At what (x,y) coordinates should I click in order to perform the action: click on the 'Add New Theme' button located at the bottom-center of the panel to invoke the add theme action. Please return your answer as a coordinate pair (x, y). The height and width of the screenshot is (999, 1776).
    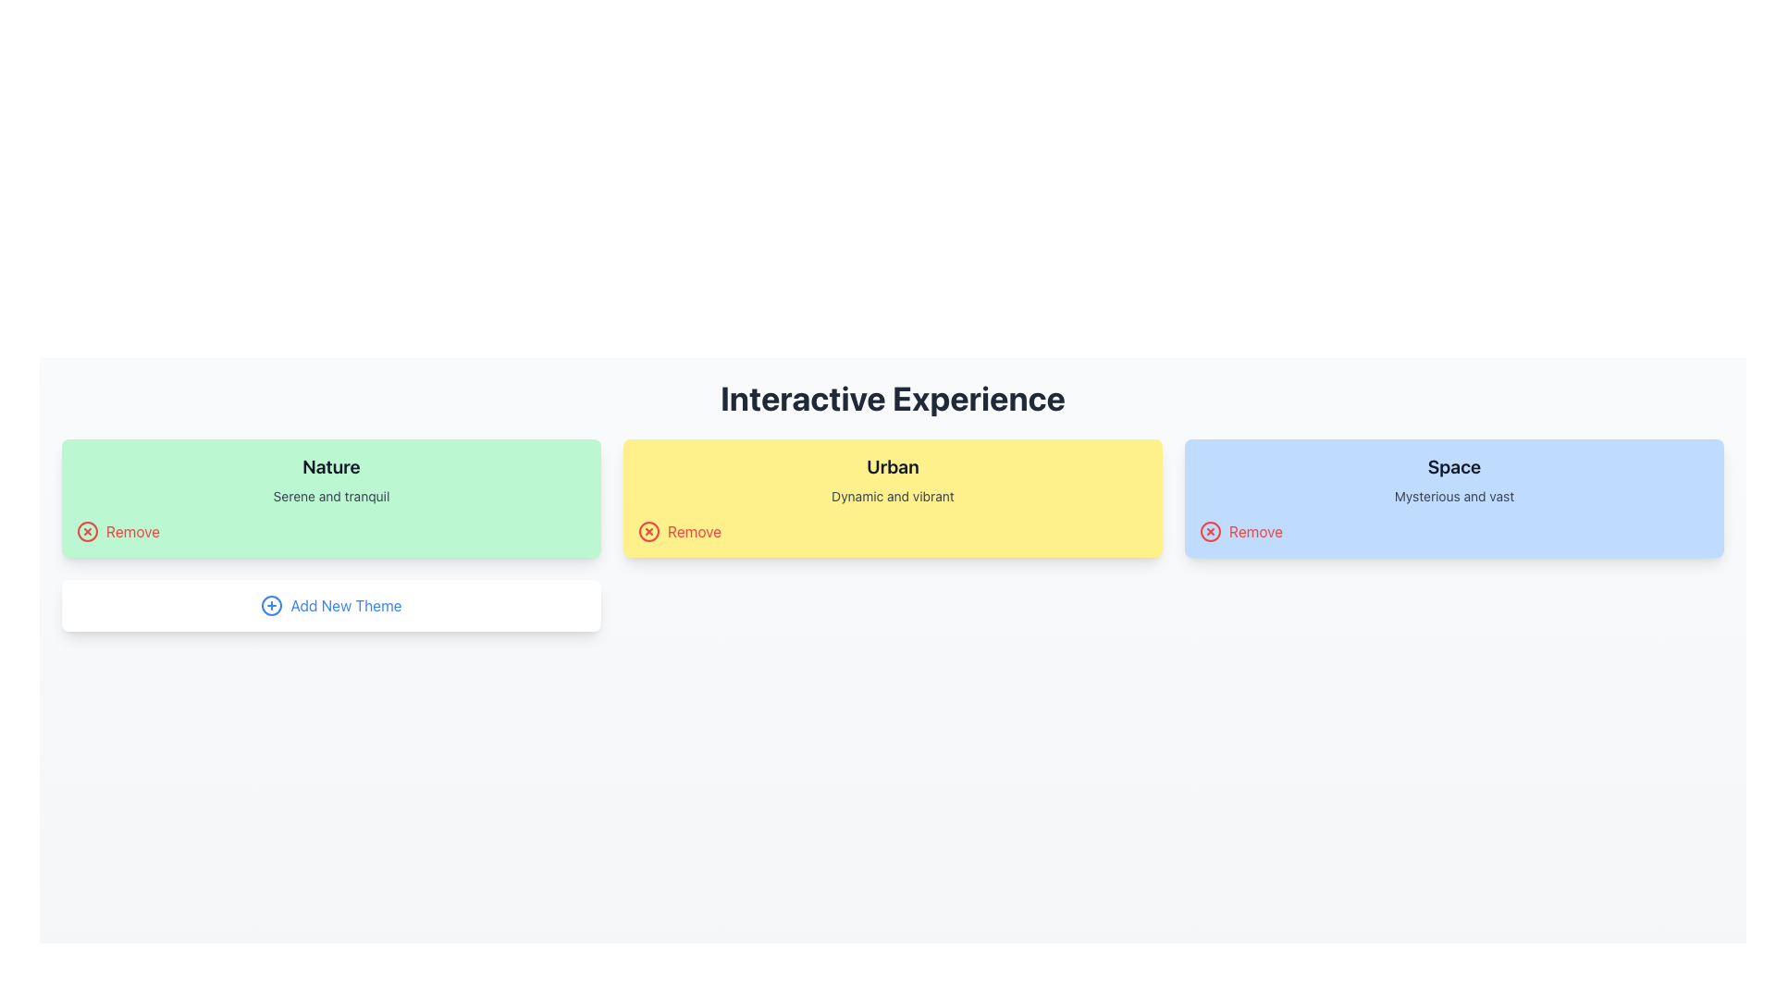
    Looking at the image, I should click on (331, 606).